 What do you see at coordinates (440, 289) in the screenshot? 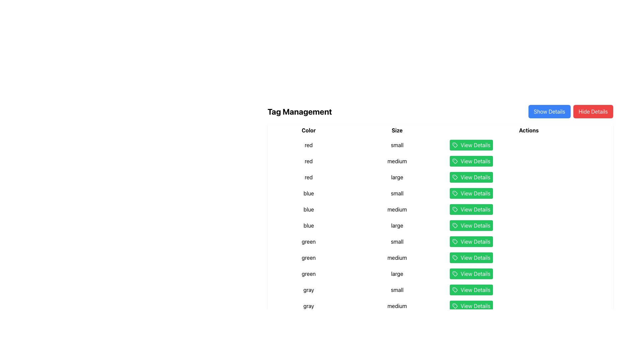
I see `the 'View Details' button in the 10th row of the table indicating a 'gray' item of 'small' size` at bounding box center [440, 289].